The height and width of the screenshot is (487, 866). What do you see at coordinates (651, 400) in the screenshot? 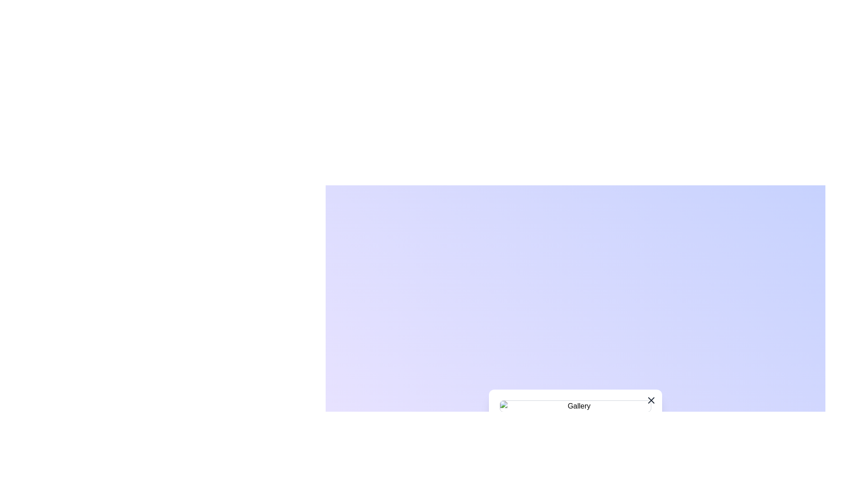
I see `the top-right line segment of the X symbol in the close button located at the right end of the header bar in the Gallery dialog box` at bounding box center [651, 400].